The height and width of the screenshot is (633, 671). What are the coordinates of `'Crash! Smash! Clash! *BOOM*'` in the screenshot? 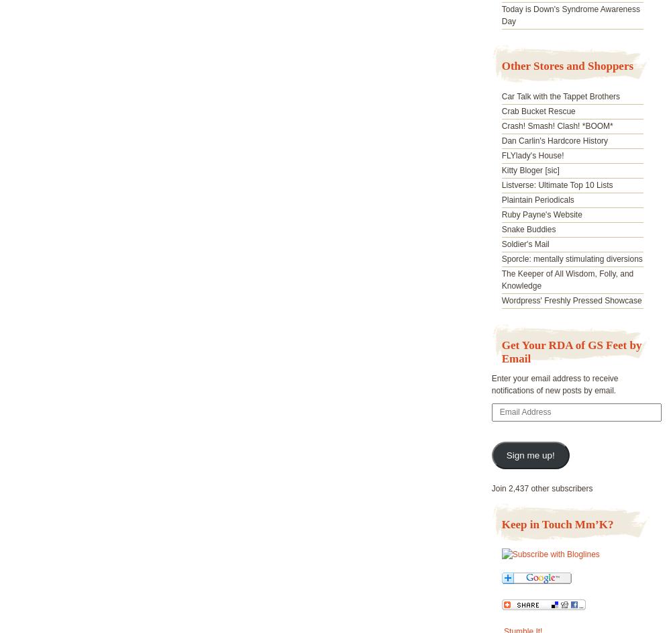 It's located at (501, 126).